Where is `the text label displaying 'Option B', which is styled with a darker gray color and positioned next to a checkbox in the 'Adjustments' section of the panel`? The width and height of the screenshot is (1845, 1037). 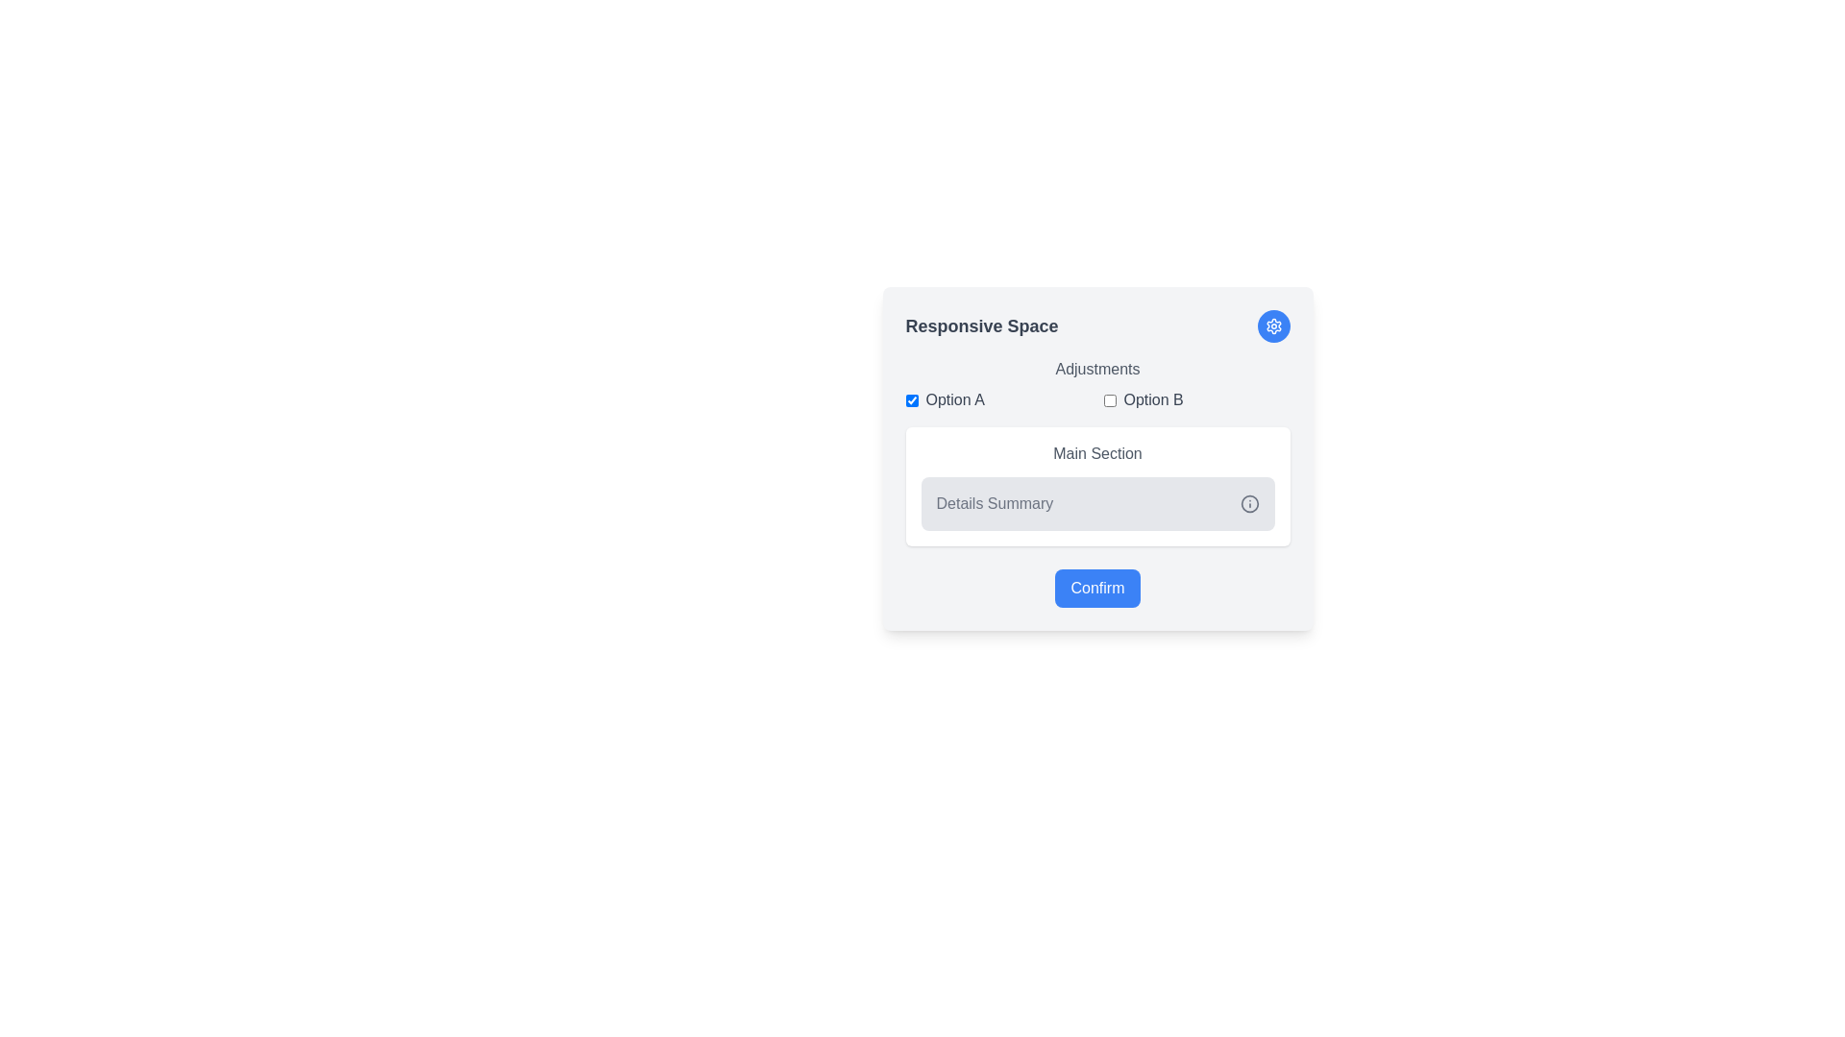 the text label displaying 'Option B', which is styled with a darker gray color and positioned next to a checkbox in the 'Adjustments' section of the panel is located at coordinates (1153, 398).